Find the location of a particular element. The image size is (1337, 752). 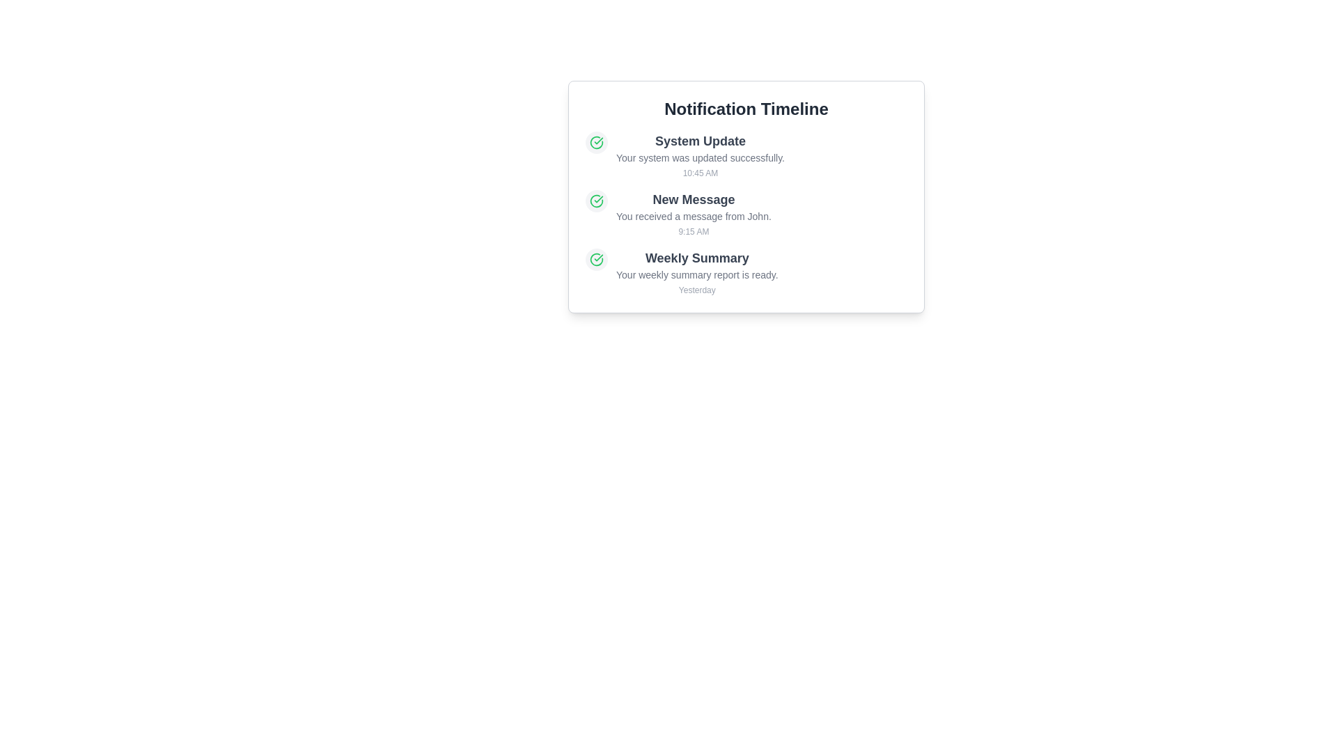

the descriptive text element that indicates the 'Weekly Summary' report is ready, which is located below the bold title and above the text 'Yesterday' is located at coordinates (697, 274).